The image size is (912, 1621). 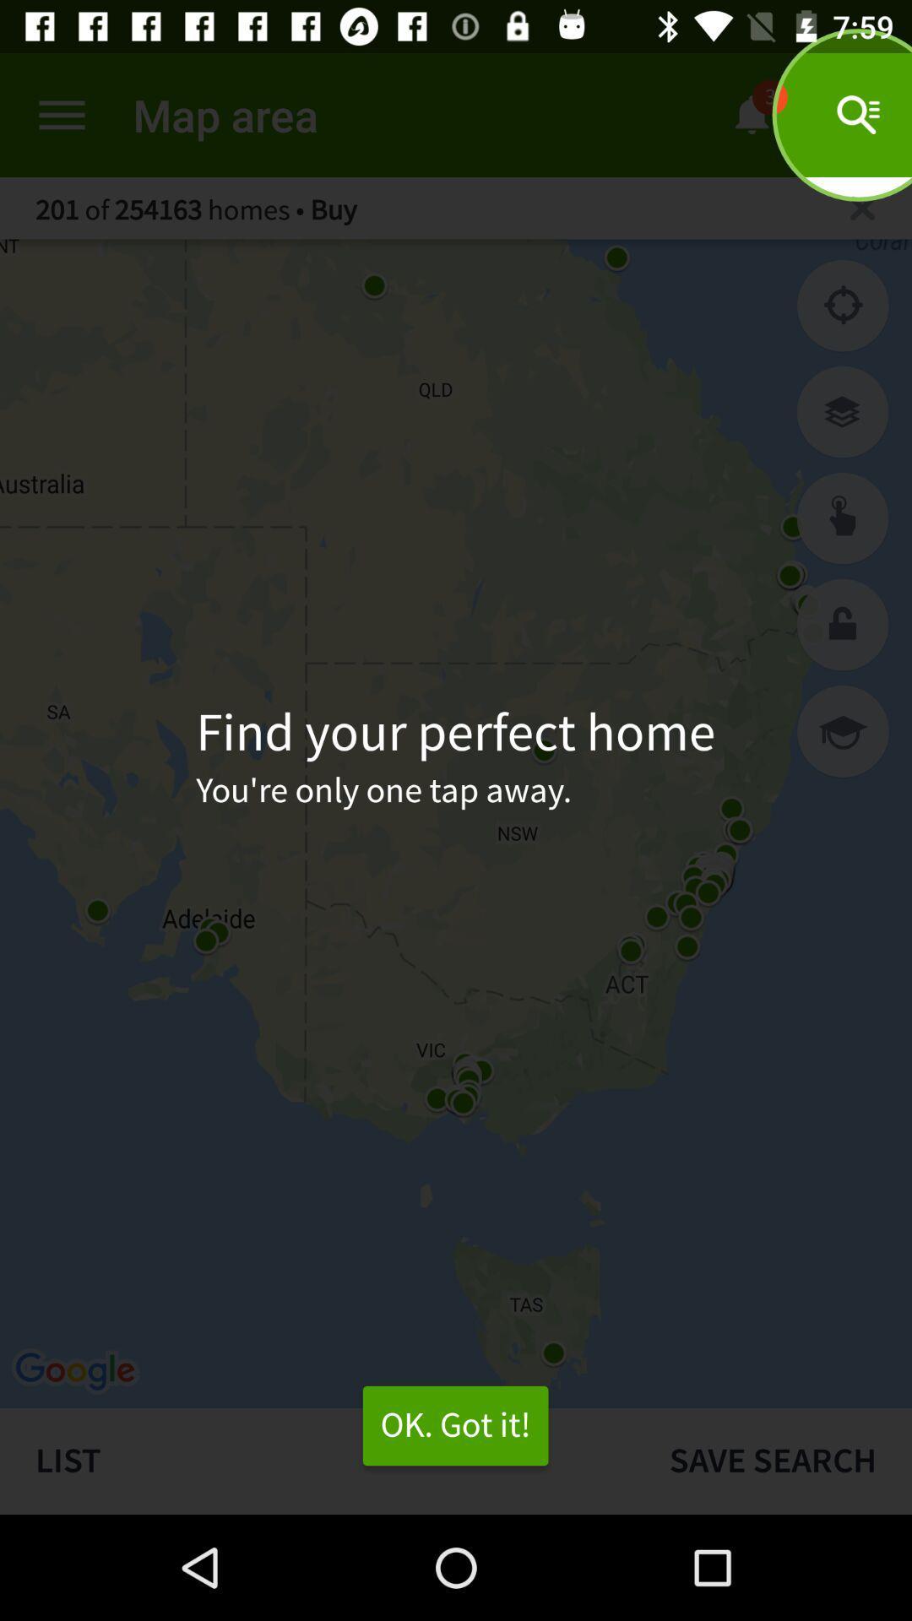 I want to click on the app to the left of the map area item, so click(x=61, y=114).